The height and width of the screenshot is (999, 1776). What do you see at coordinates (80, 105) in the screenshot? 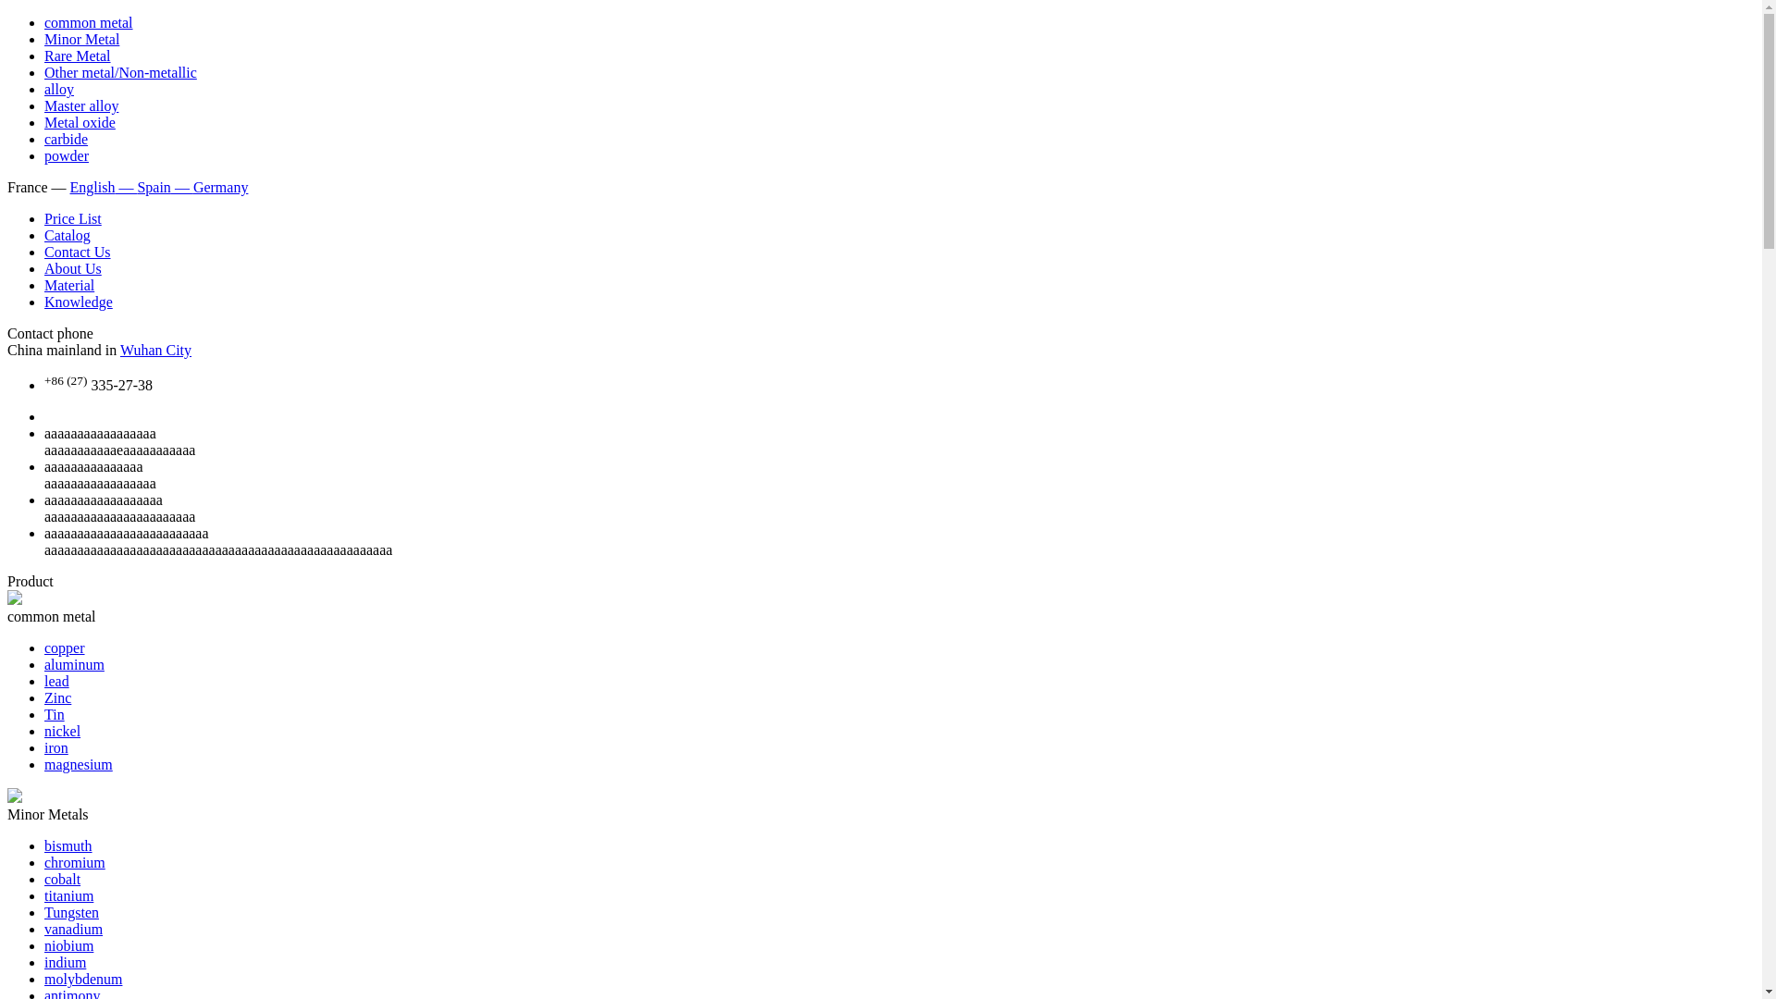
I see `'Master alloy'` at bounding box center [80, 105].